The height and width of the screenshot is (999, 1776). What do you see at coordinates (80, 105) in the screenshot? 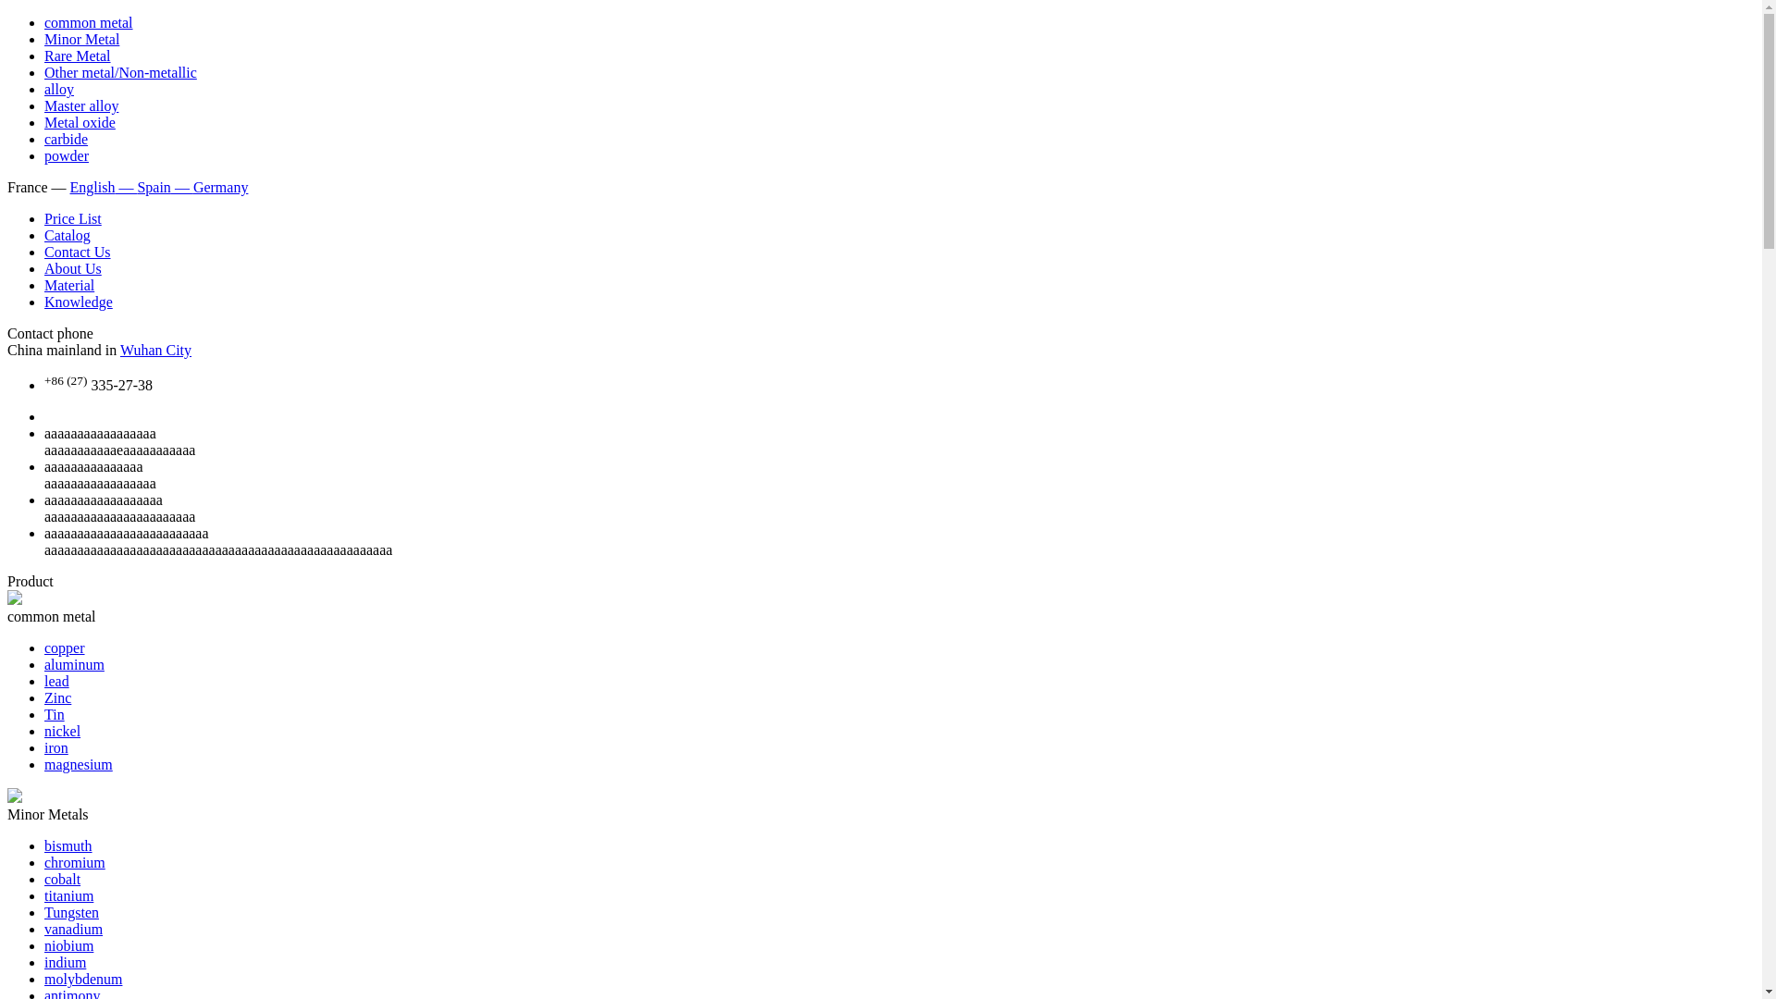
I see `'Master alloy'` at bounding box center [80, 105].